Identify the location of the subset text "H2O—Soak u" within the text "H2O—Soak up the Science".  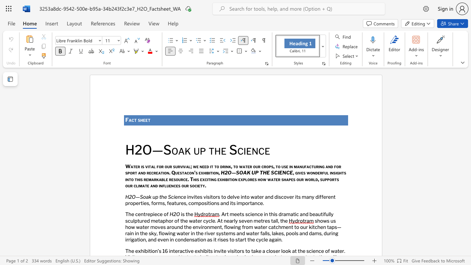
(125, 149).